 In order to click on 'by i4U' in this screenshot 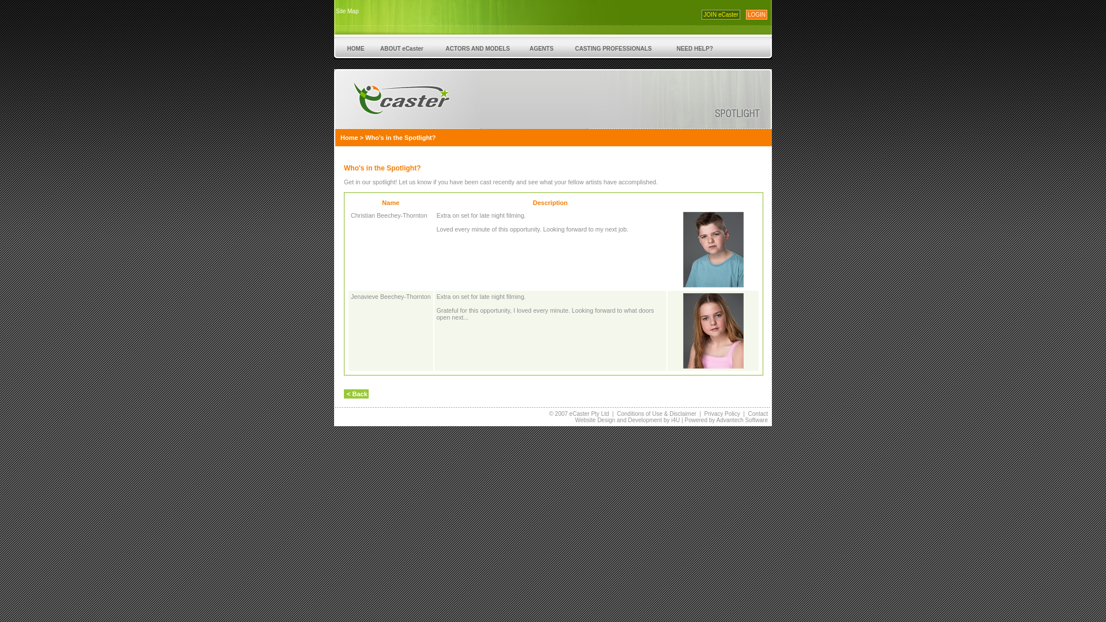, I will do `click(671, 420)`.